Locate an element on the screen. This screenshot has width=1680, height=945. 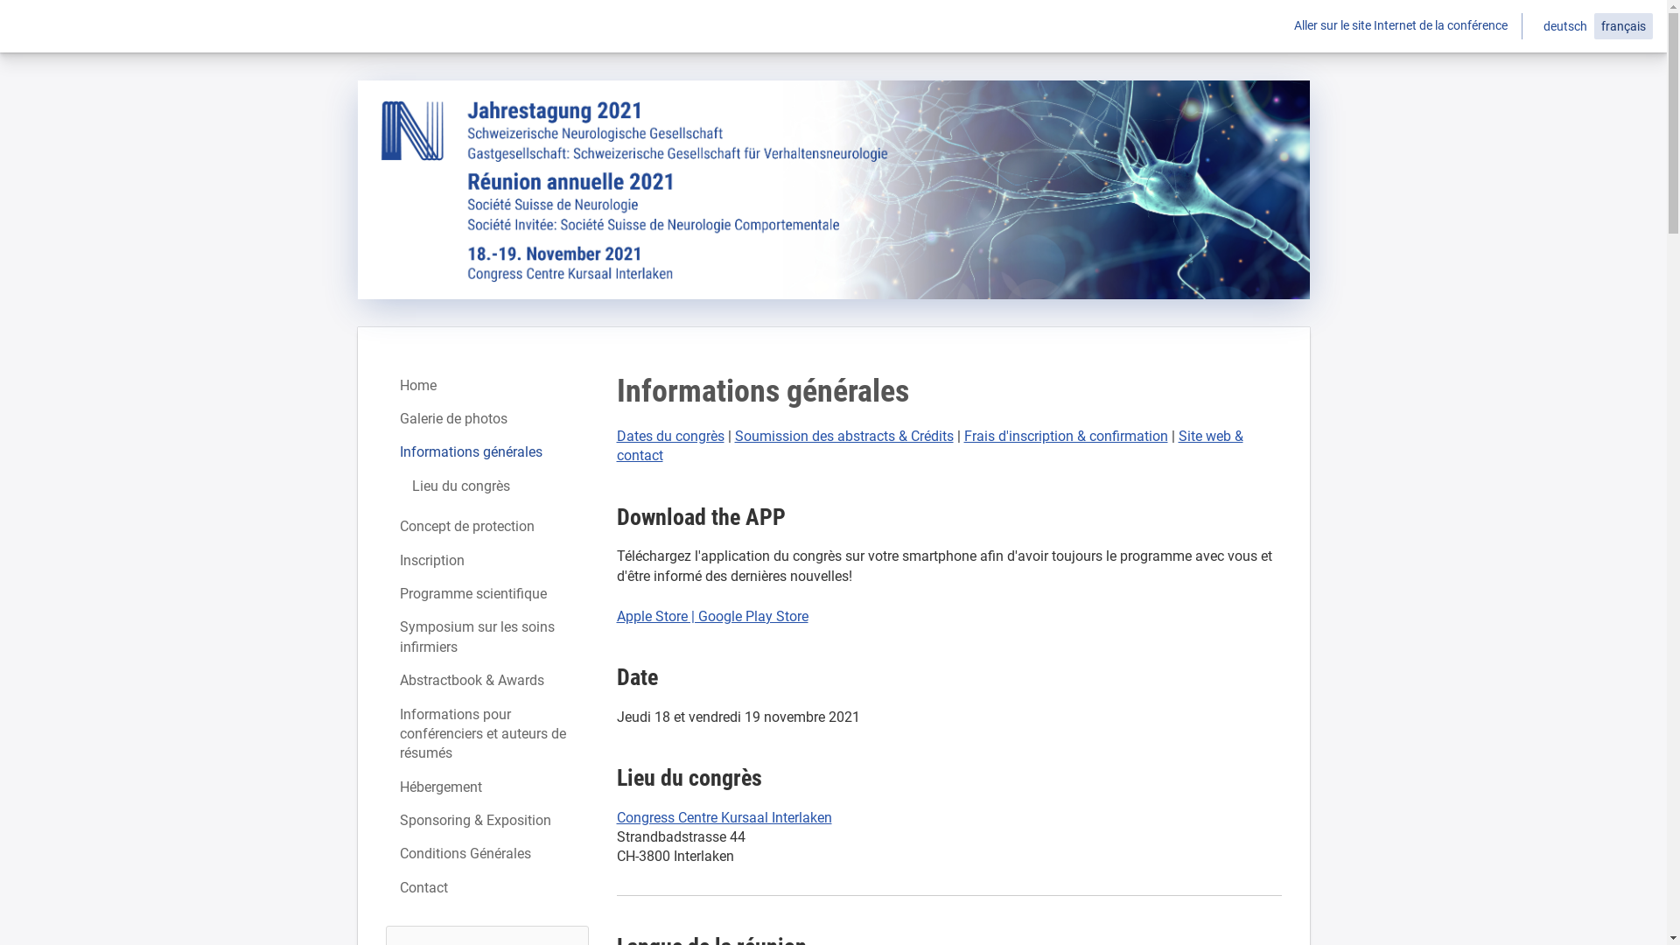
'Galerie de photos' is located at coordinates (486, 418).